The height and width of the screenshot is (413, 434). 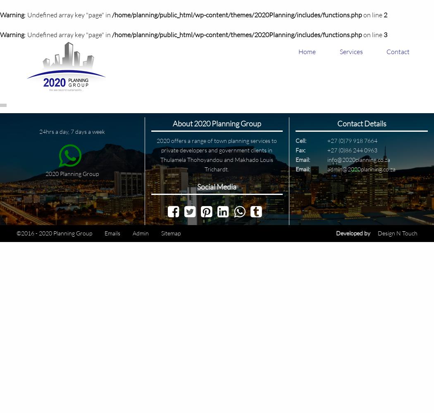 I want to click on '24hrs a day, 7 days a week', so click(x=72, y=131).